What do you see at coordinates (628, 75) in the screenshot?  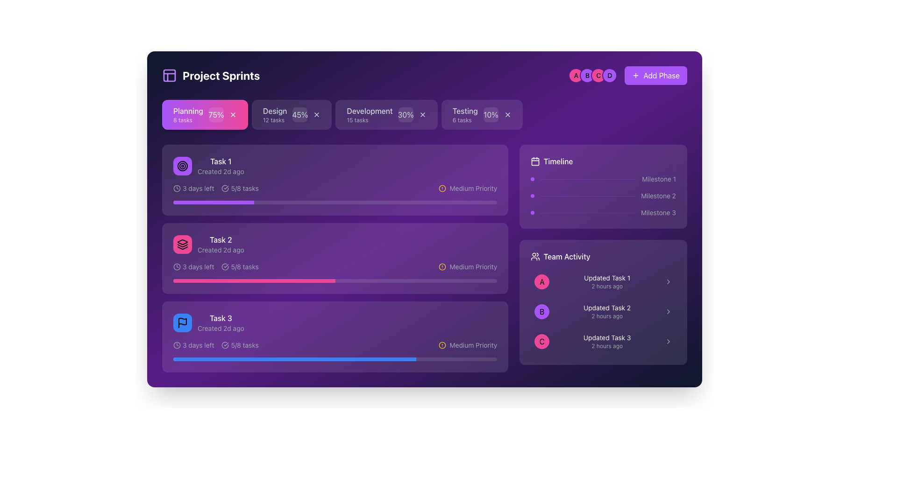 I see `the button located at the top-right area of the main interface, adjacent to the circular icons labeled 'A', 'B', 'C', and 'D'` at bounding box center [628, 75].